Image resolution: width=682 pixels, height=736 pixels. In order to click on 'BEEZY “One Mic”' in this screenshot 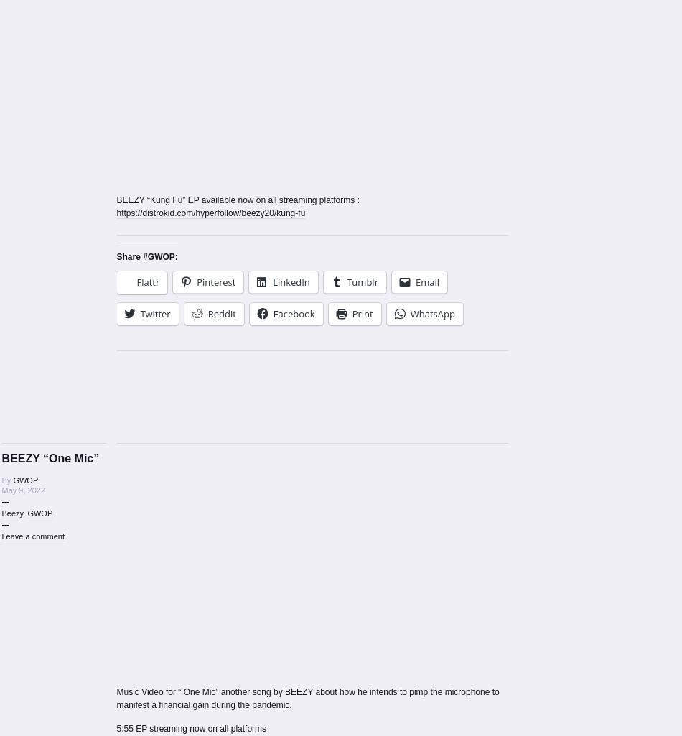, I will do `click(50, 457)`.